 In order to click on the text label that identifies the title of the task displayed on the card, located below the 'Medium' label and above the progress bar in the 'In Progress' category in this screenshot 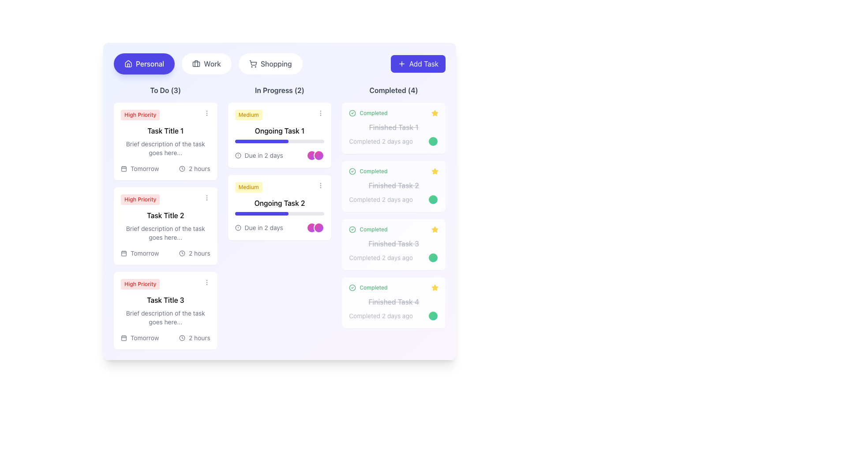, I will do `click(279, 203)`.